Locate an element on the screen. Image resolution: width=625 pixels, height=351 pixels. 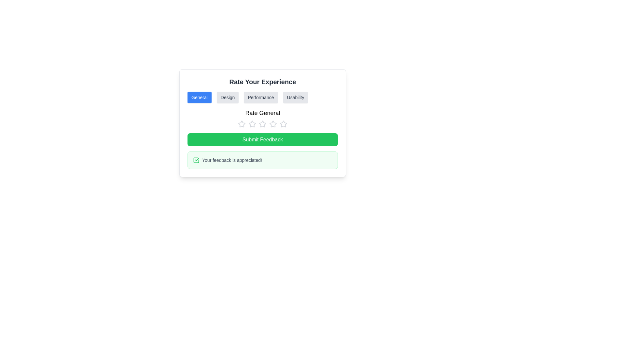
the fourth star icon in the 'Rate General' section to rate it is located at coordinates (273, 124).